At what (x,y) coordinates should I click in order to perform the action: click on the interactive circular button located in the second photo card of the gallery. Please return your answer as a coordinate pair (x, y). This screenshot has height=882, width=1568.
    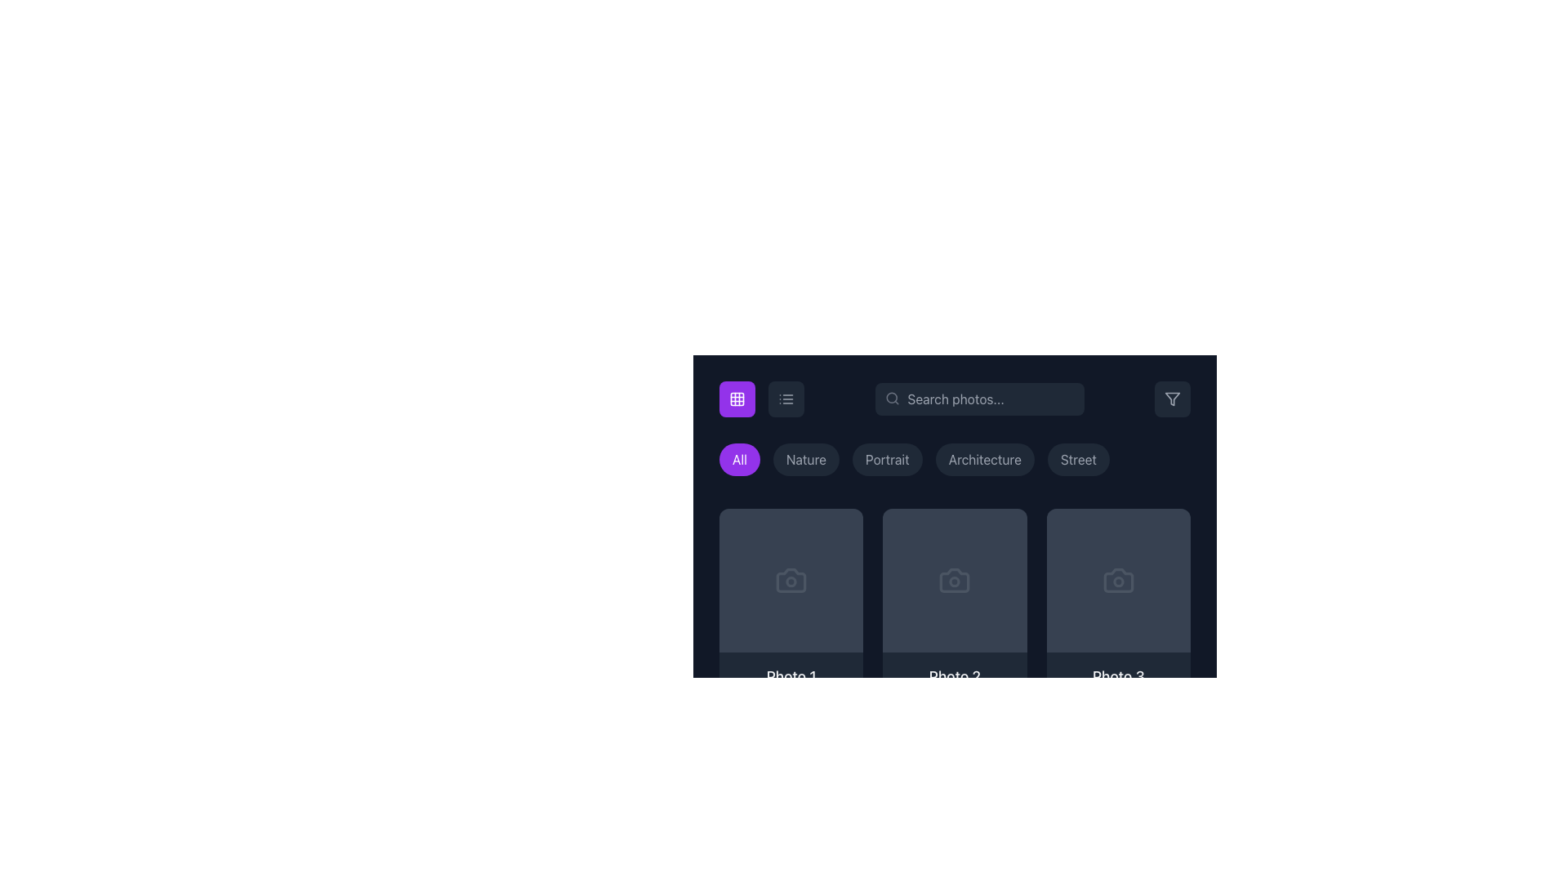
    Looking at the image, I should click on (911, 580).